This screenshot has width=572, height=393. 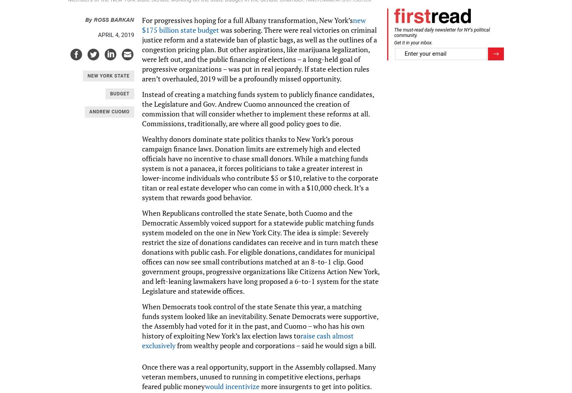 I want to click on 'new $175 billion state budget', so click(x=253, y=24).